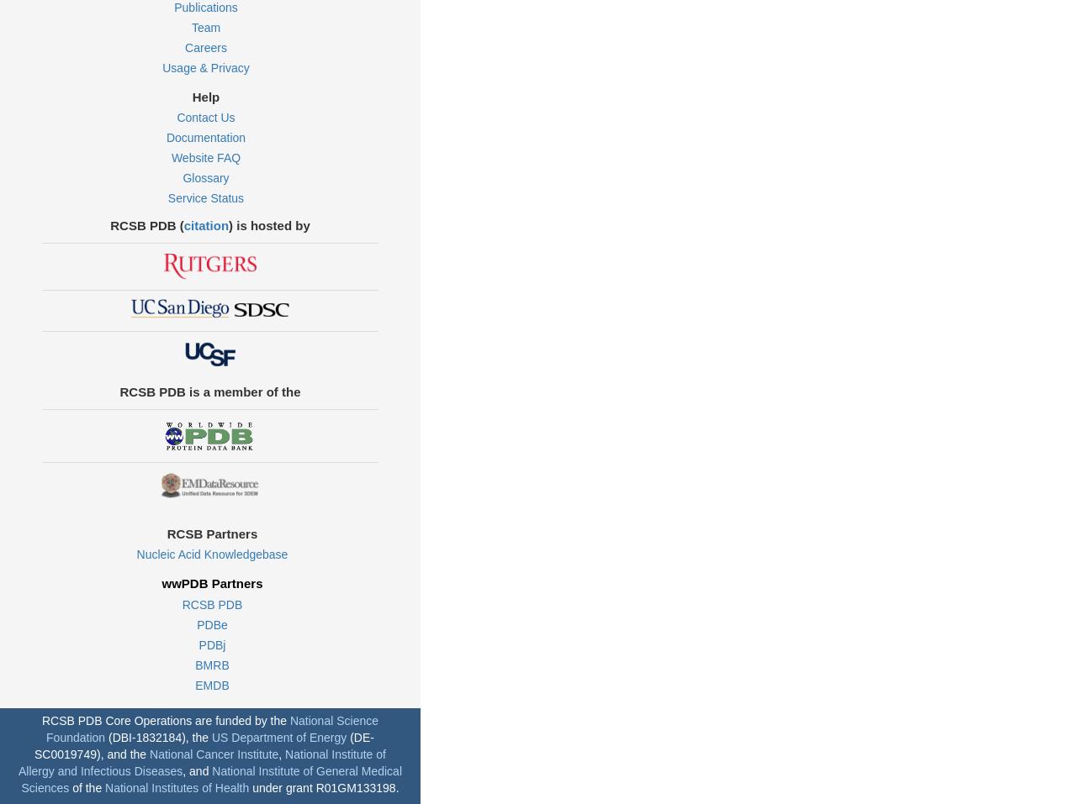 This screenshot has height=804, width=1090. What do you see at coordinates (268, 223) in the screenshot?
I see `') is hosted by'` at bounding box center [268, 223].